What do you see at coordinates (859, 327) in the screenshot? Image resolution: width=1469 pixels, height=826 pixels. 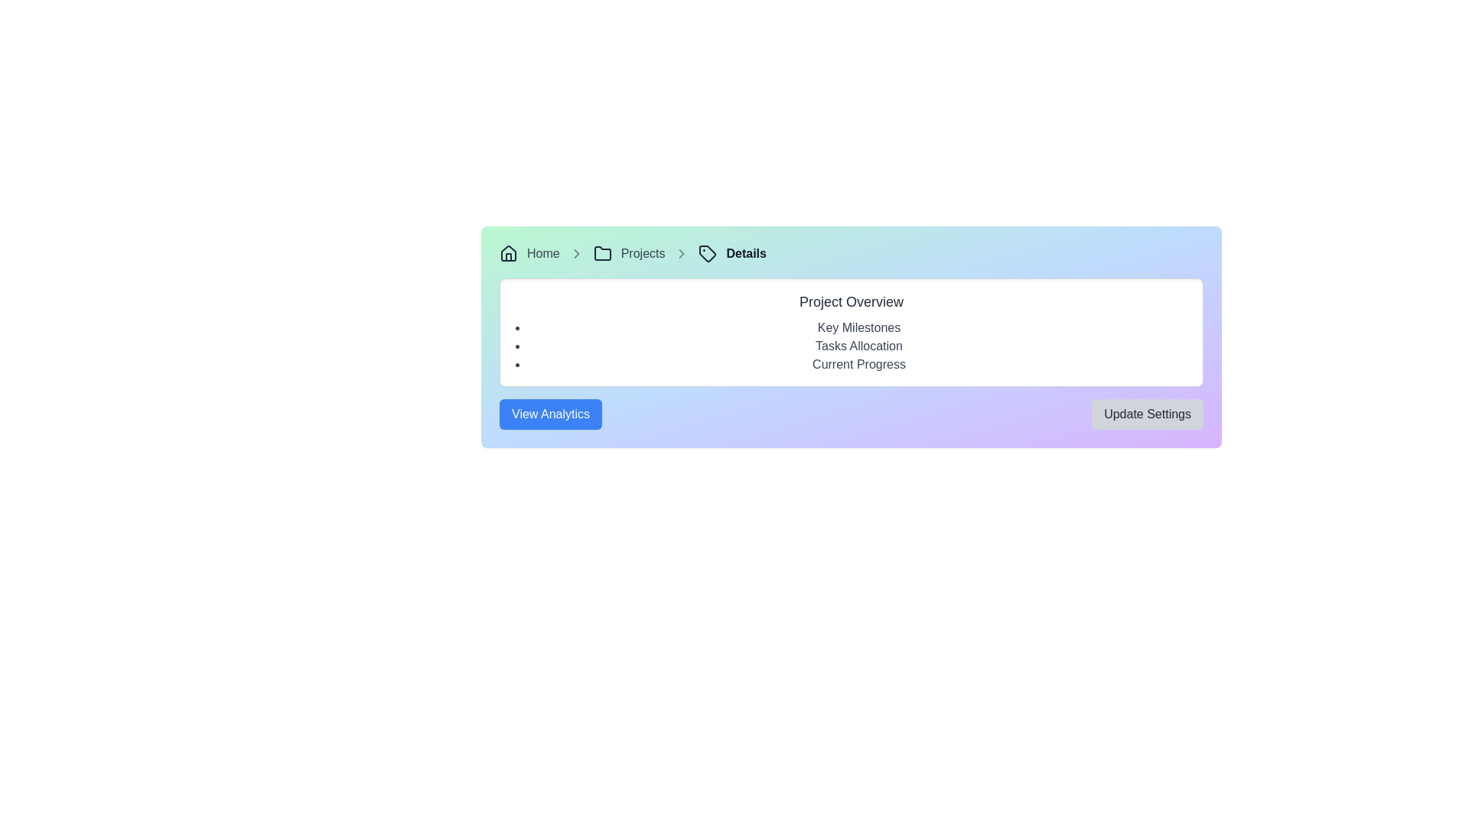 I see `the static text label displaying 'Key Milestones', which is the first item in the bullet-point list under the 'Project Overview' section` at bounding box center [859, 327].